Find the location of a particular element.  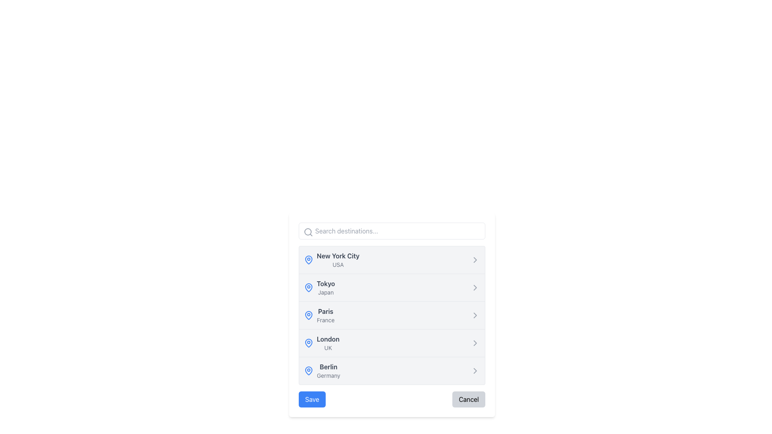

the list item labeled 'Tokyo, Japan' is located at coordinates (319, 287).